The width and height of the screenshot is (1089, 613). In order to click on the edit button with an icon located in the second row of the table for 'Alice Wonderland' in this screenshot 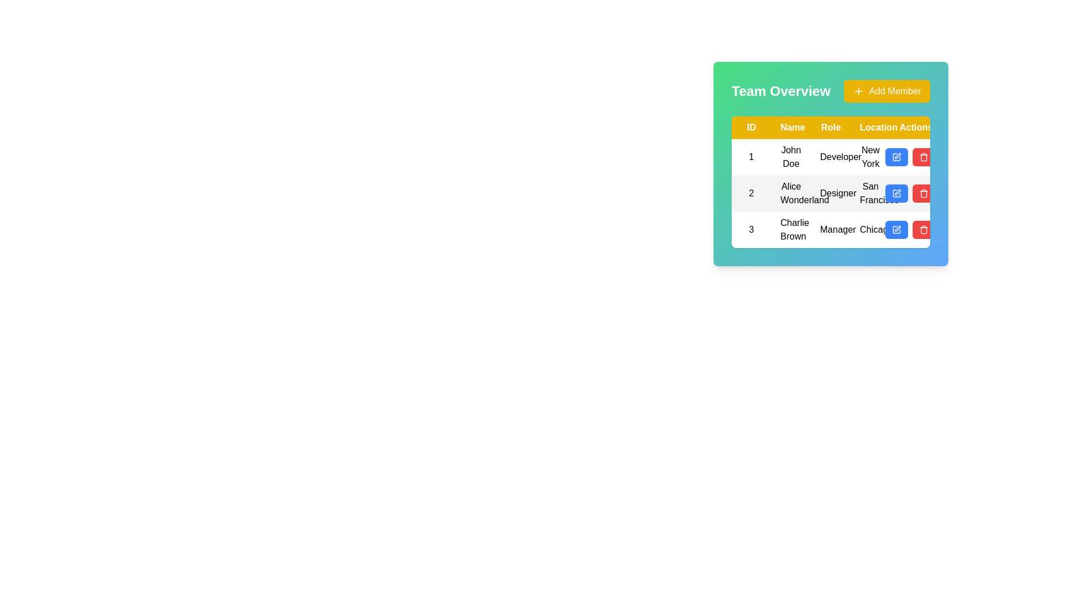, I will do `click(896, 192)`.